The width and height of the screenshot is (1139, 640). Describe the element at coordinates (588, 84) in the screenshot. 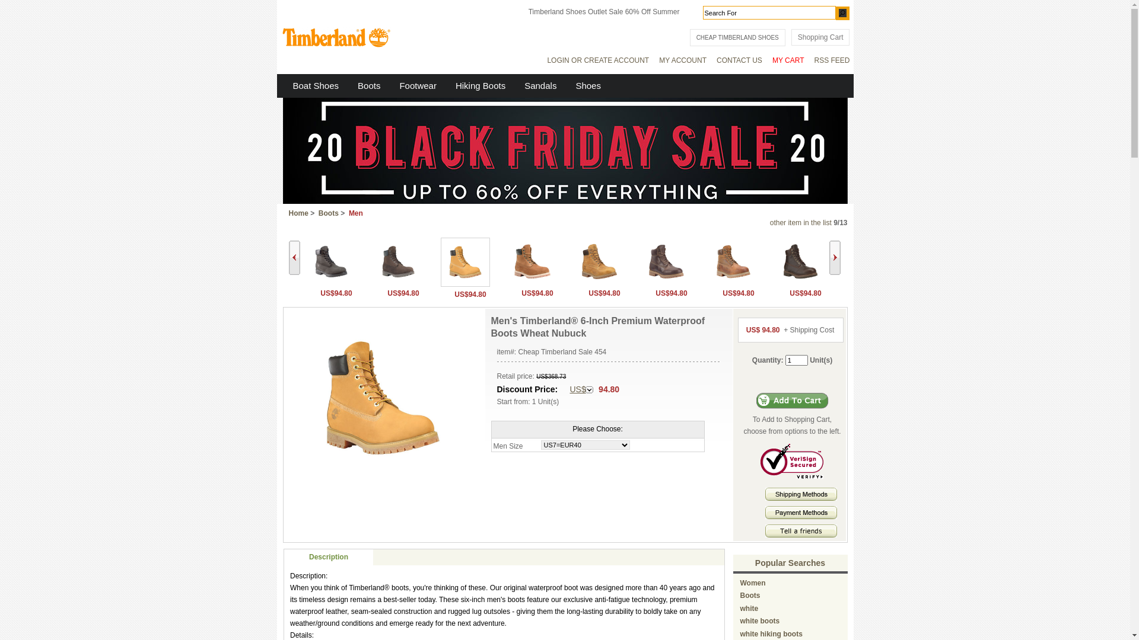

I see `'Shoes'` at that location.